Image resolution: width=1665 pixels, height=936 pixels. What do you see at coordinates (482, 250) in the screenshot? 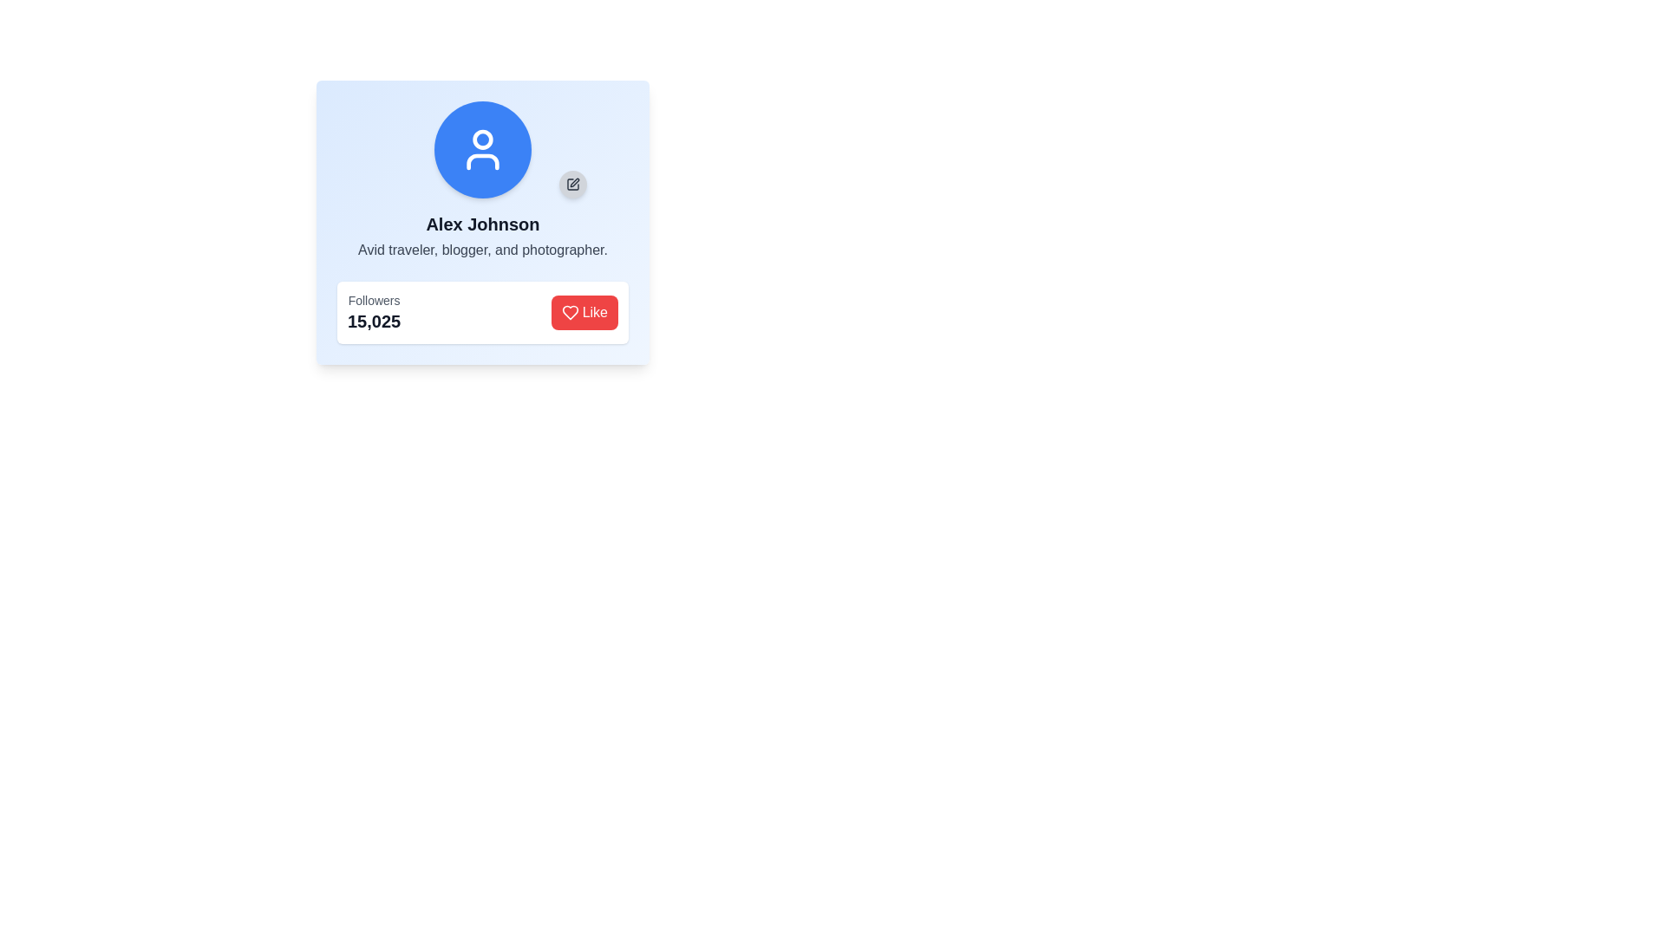
I see `additional description text located directly below the name 'Alex Johnson' in the profile card layout` at bounding box center [482, 250].